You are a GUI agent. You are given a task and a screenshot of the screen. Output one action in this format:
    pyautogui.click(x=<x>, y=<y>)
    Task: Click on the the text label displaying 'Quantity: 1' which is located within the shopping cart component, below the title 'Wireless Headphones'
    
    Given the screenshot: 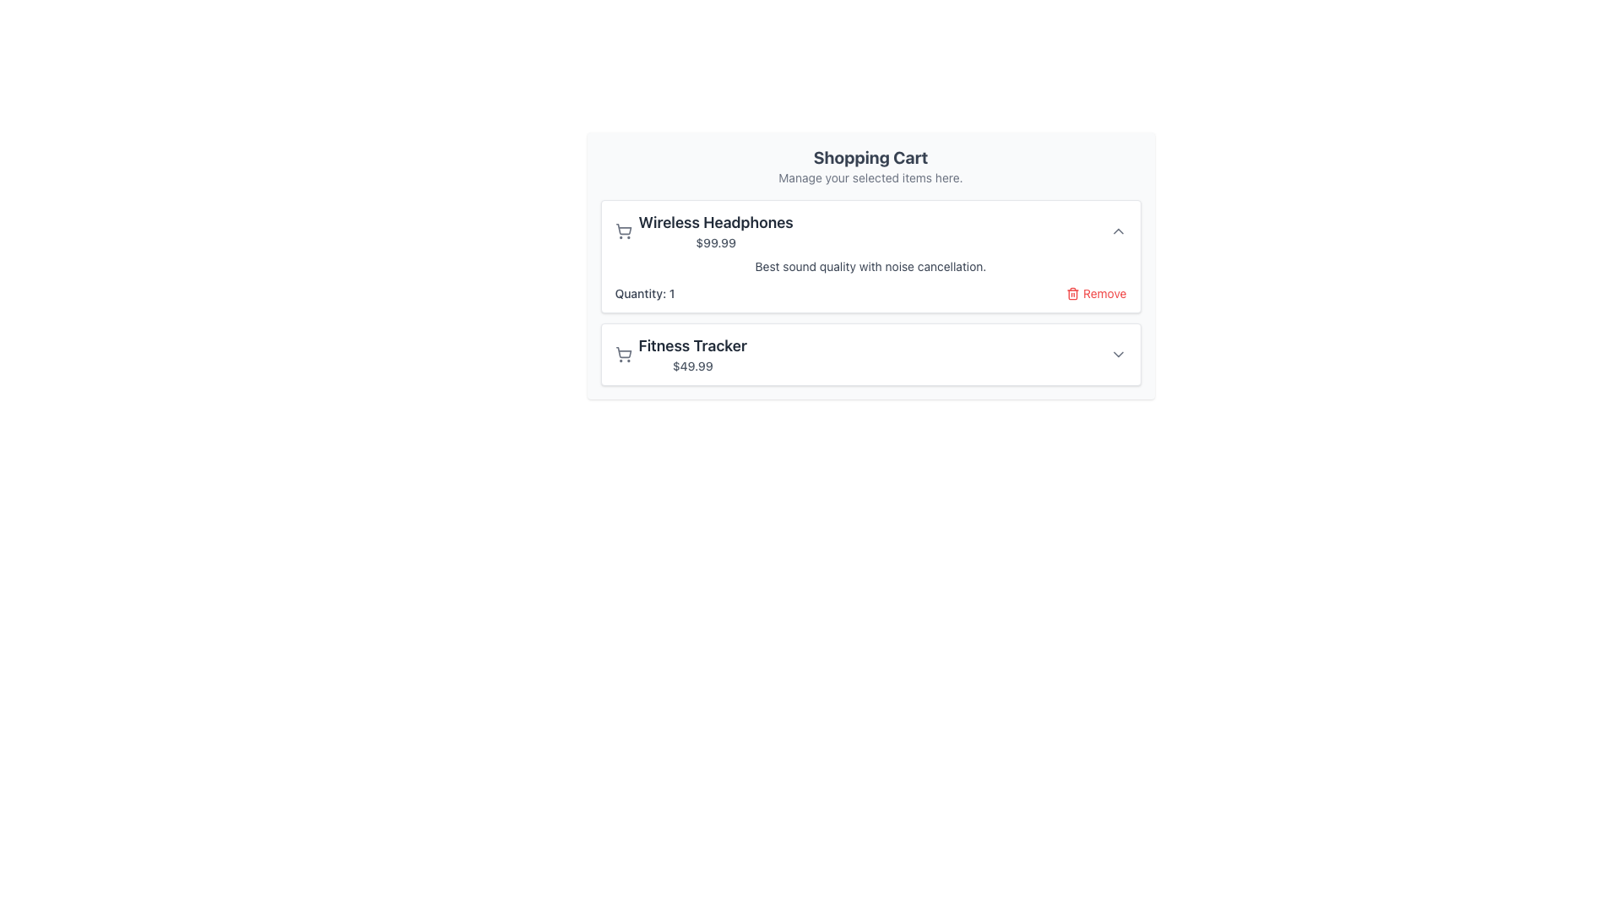 What is the action you would take?
    pyautogui.click(x=643, y=292)
    